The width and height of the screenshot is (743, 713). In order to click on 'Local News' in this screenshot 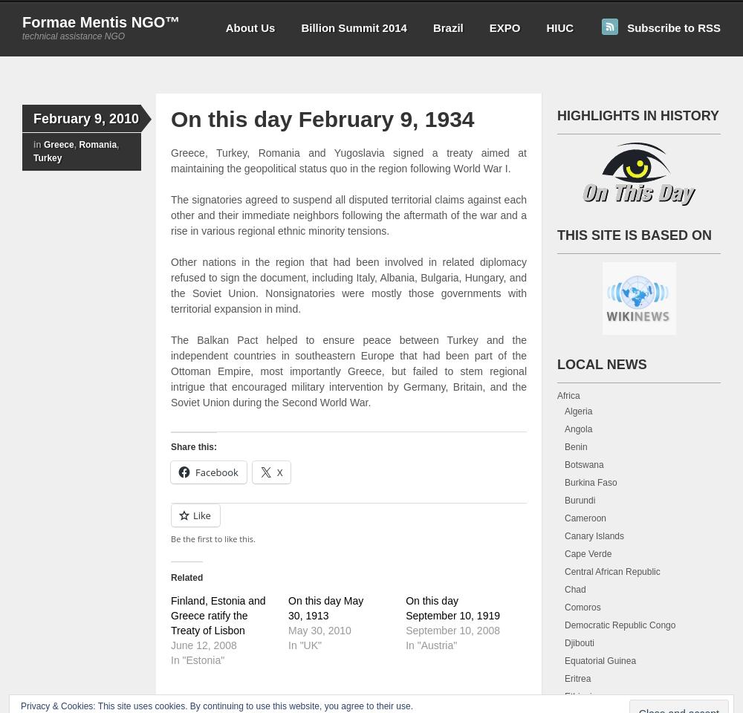, I will do `click(602, 364)`.